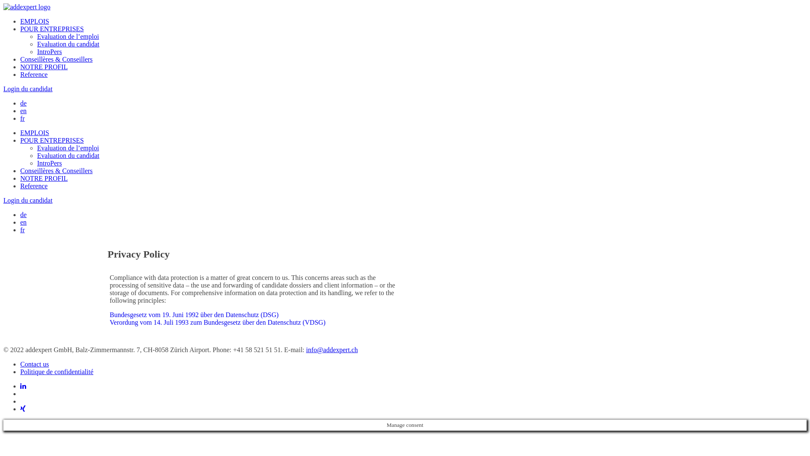  I want to click on 'POUR ENTREPRISES', so click(51, 28).